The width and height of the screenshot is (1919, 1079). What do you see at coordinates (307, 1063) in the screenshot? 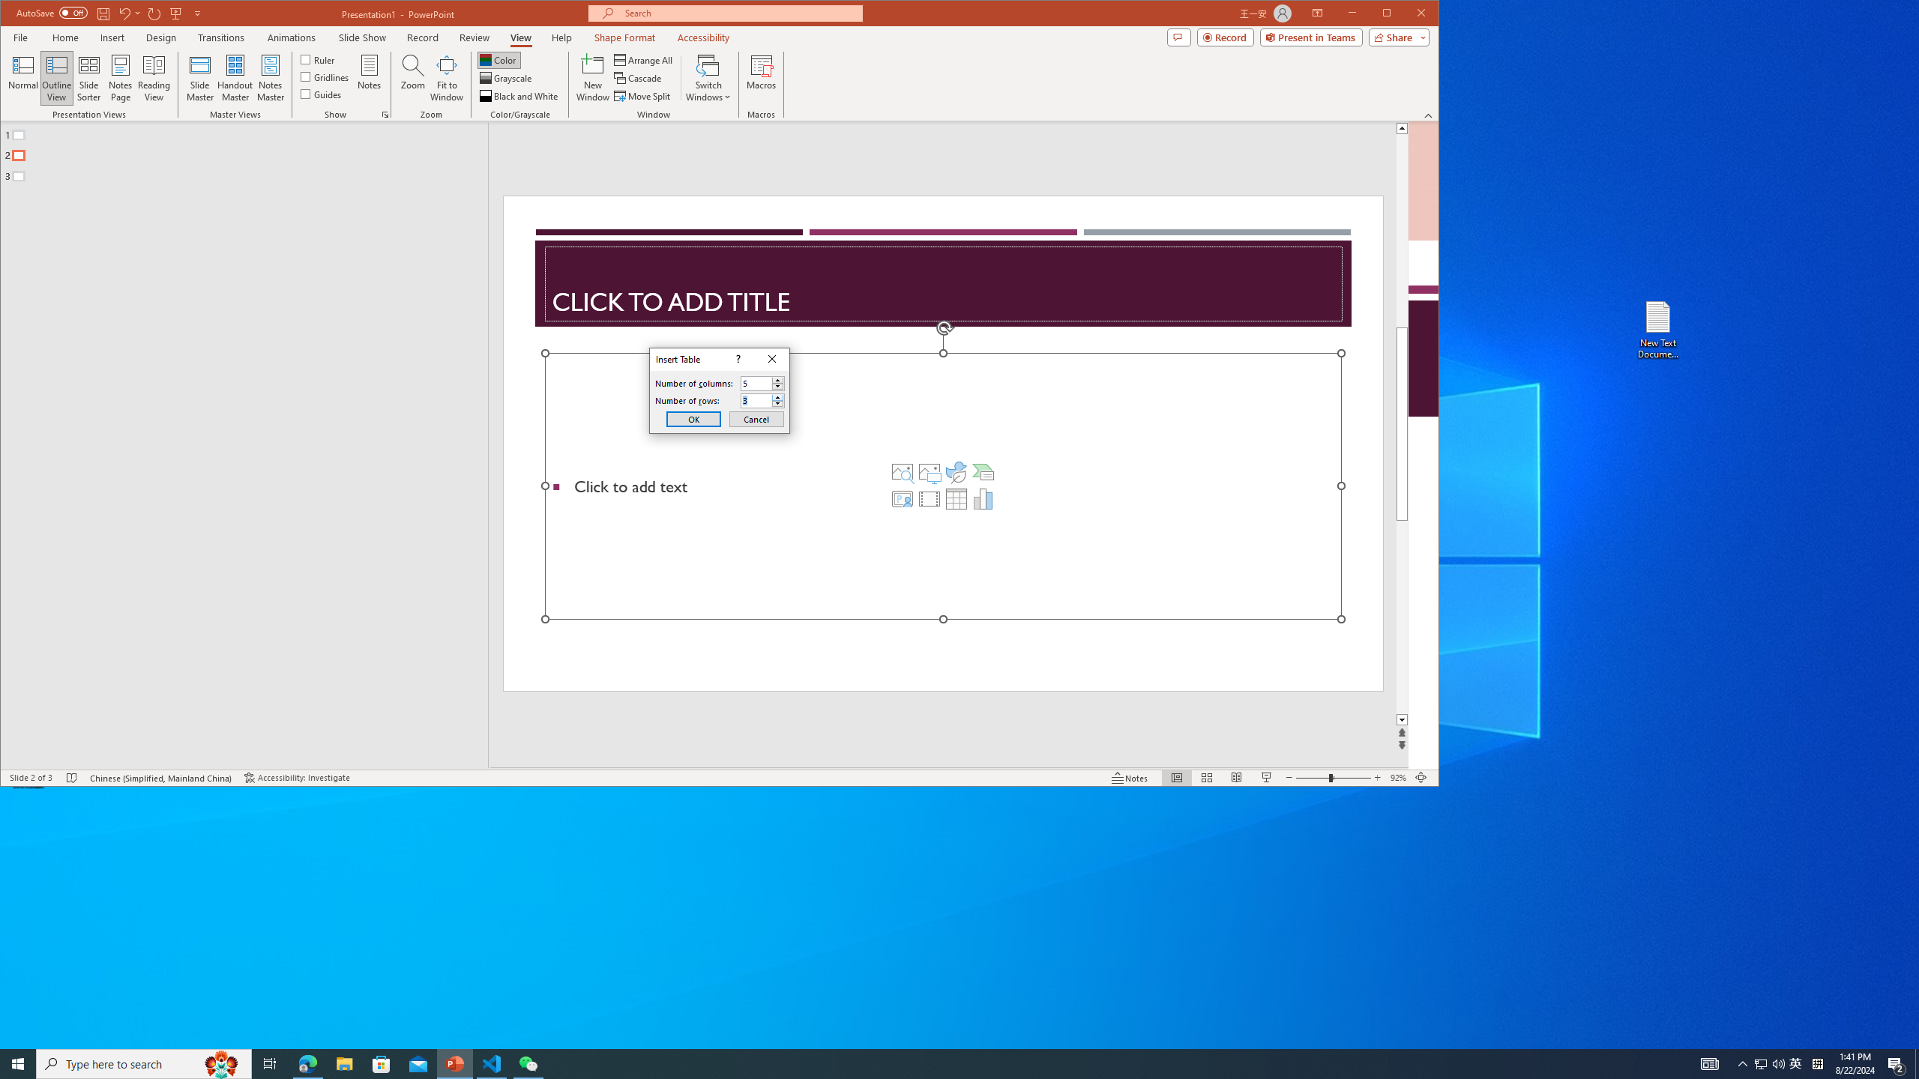
I see `'Microsoft Edge - 1 running window'` at bounding box center [307, 1063].